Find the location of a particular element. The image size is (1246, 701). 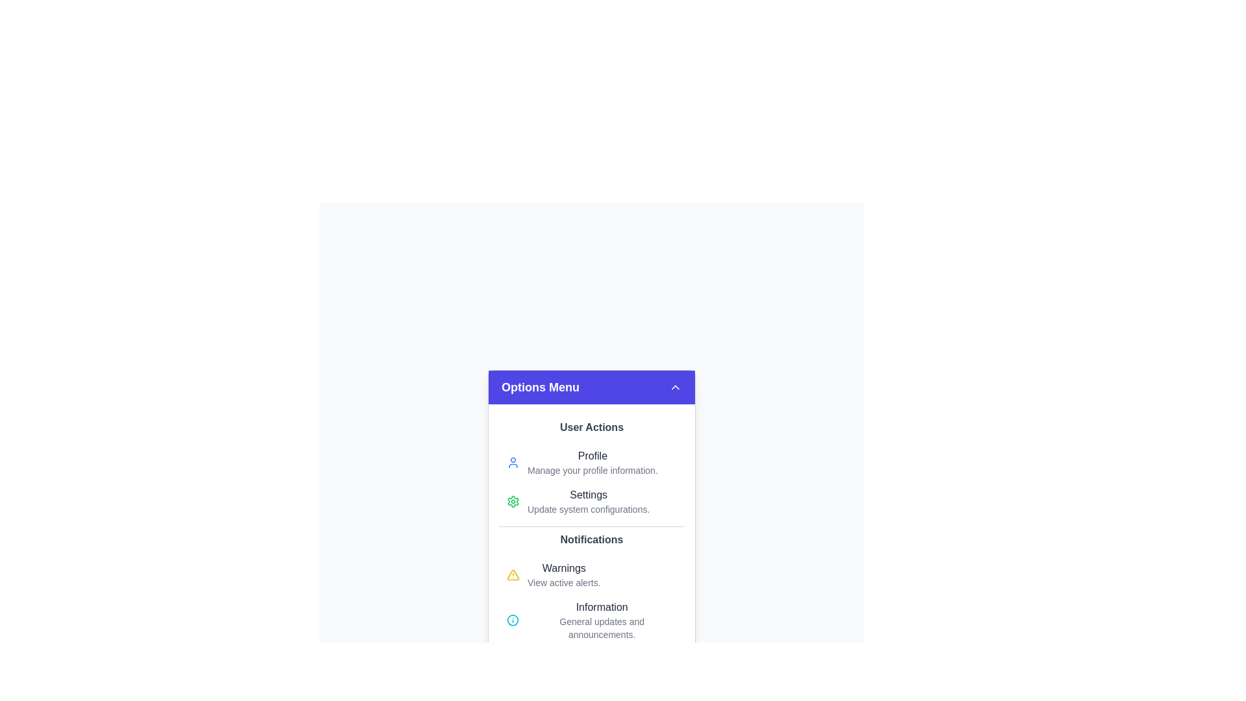

the 'Settings' icon is located at coordinates (513, 500).